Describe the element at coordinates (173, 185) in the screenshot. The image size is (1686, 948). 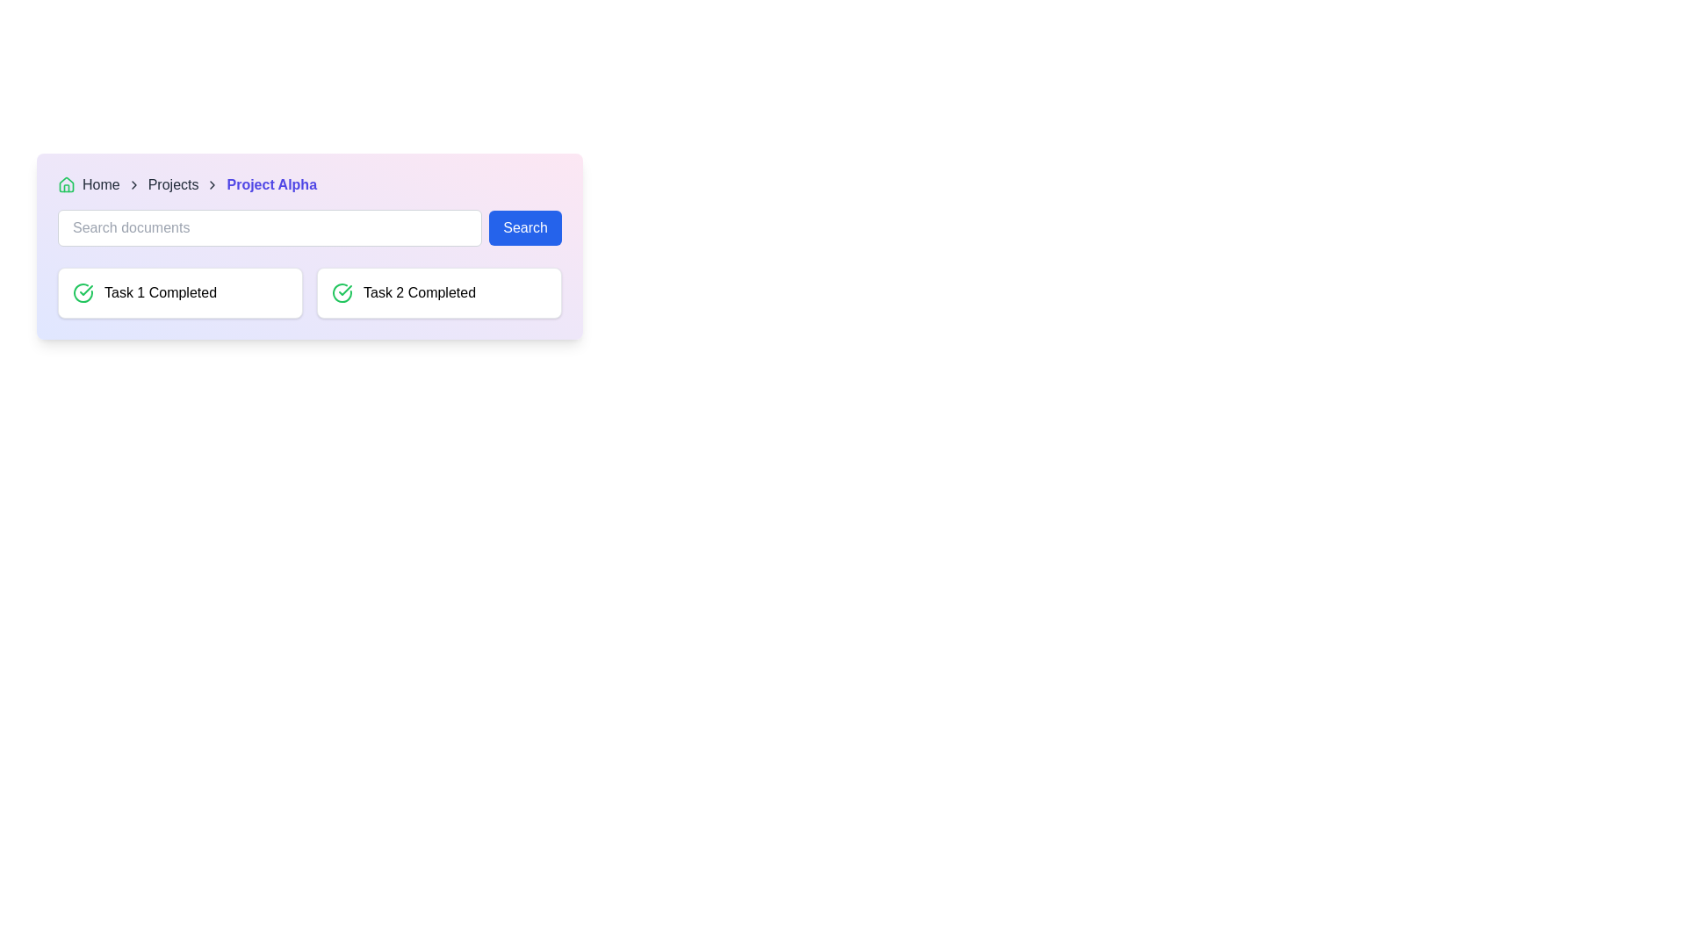
I see `the 'Projects' text label in the breadcrumb navigation bar, which indicates the current section and is positioned between the chevron icon and the 'Project Alpha' link` at that location.